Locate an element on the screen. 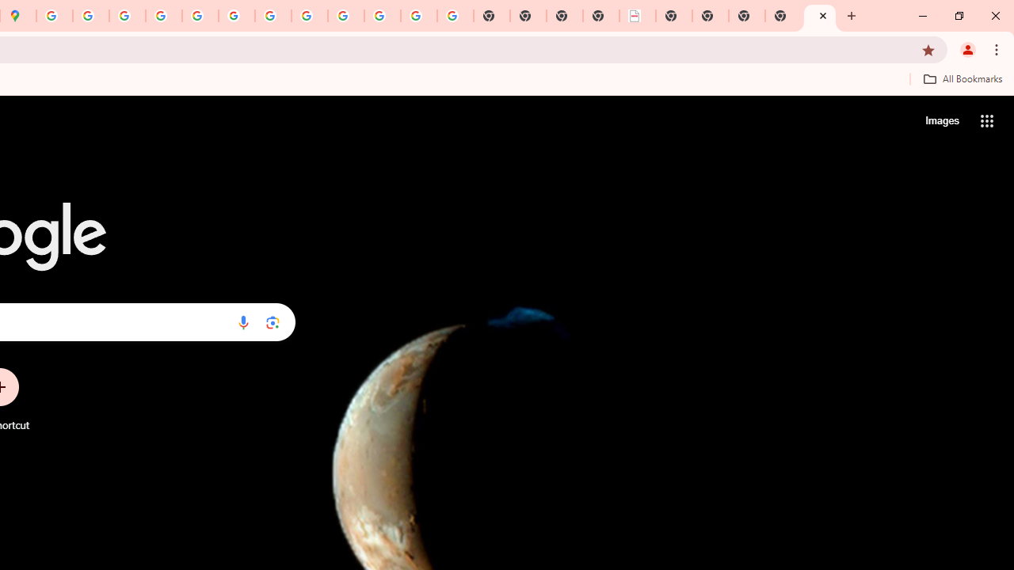 The width and height of the screenshot is (1014, 570). 'YouTube' is located at coordinates (273, 16).